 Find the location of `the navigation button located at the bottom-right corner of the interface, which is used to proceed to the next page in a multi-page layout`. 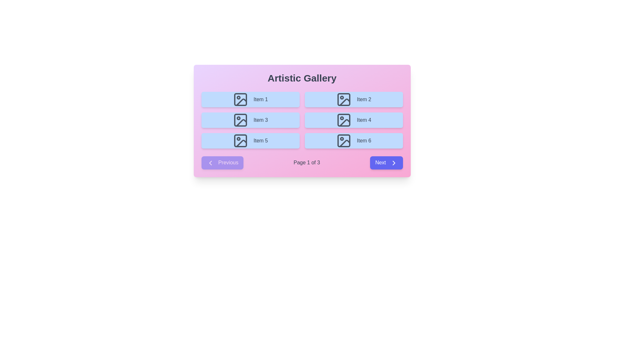

the navigation button located at the bottom-right corner of the interface, which is used to proceed to the next page in a multi-page layout is located at coordinates (386, 162).